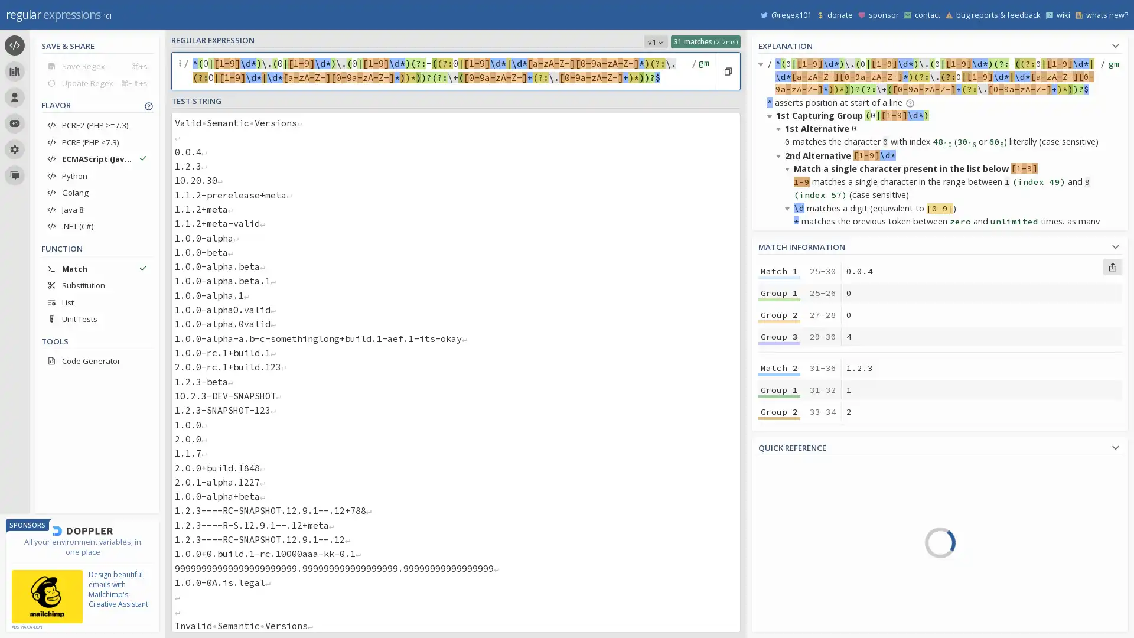  What do you see at coordinates (779, 271) in the screenshot?
I see `Match 1` at bounding box center [779, 271].